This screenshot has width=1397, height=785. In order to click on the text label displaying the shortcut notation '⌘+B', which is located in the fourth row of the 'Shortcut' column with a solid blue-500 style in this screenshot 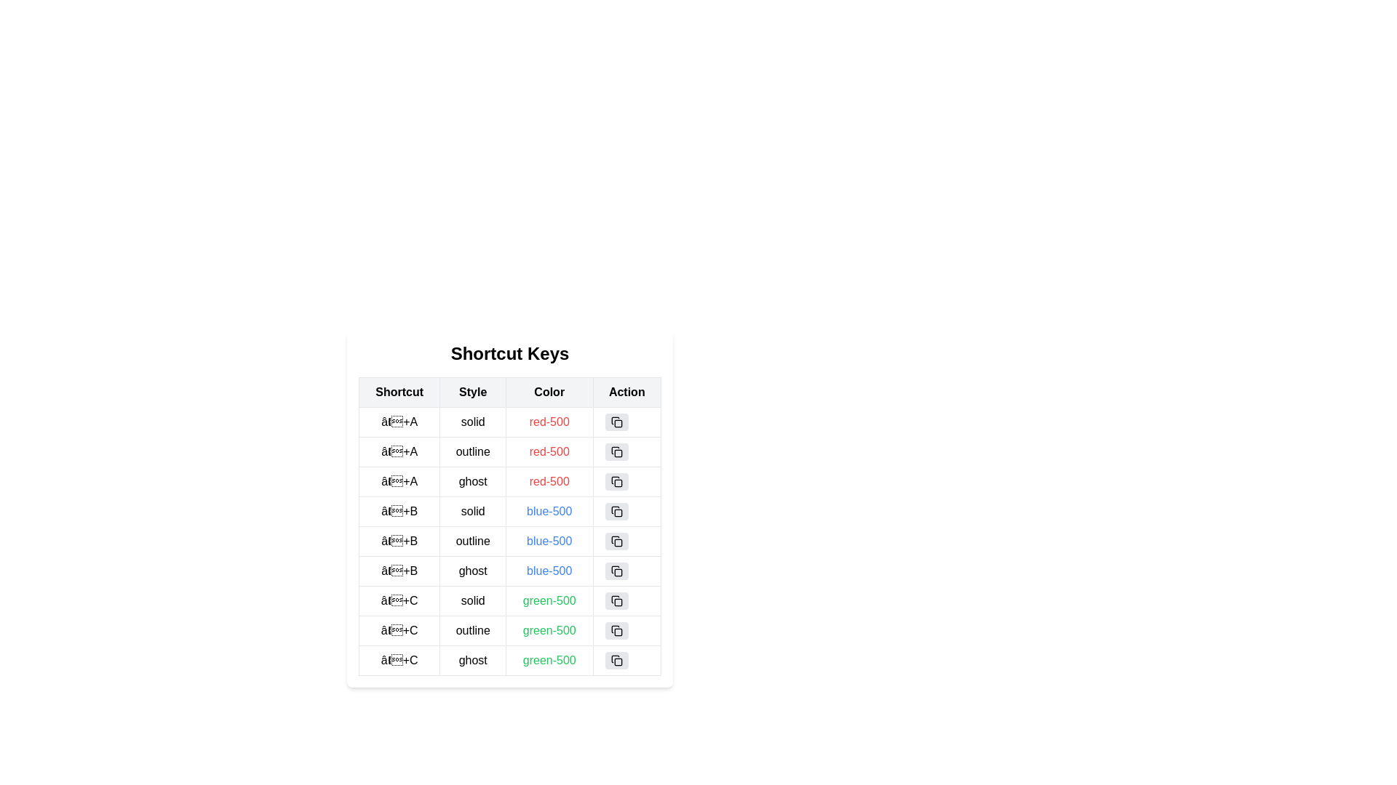, I will do `click(399, 511)`.